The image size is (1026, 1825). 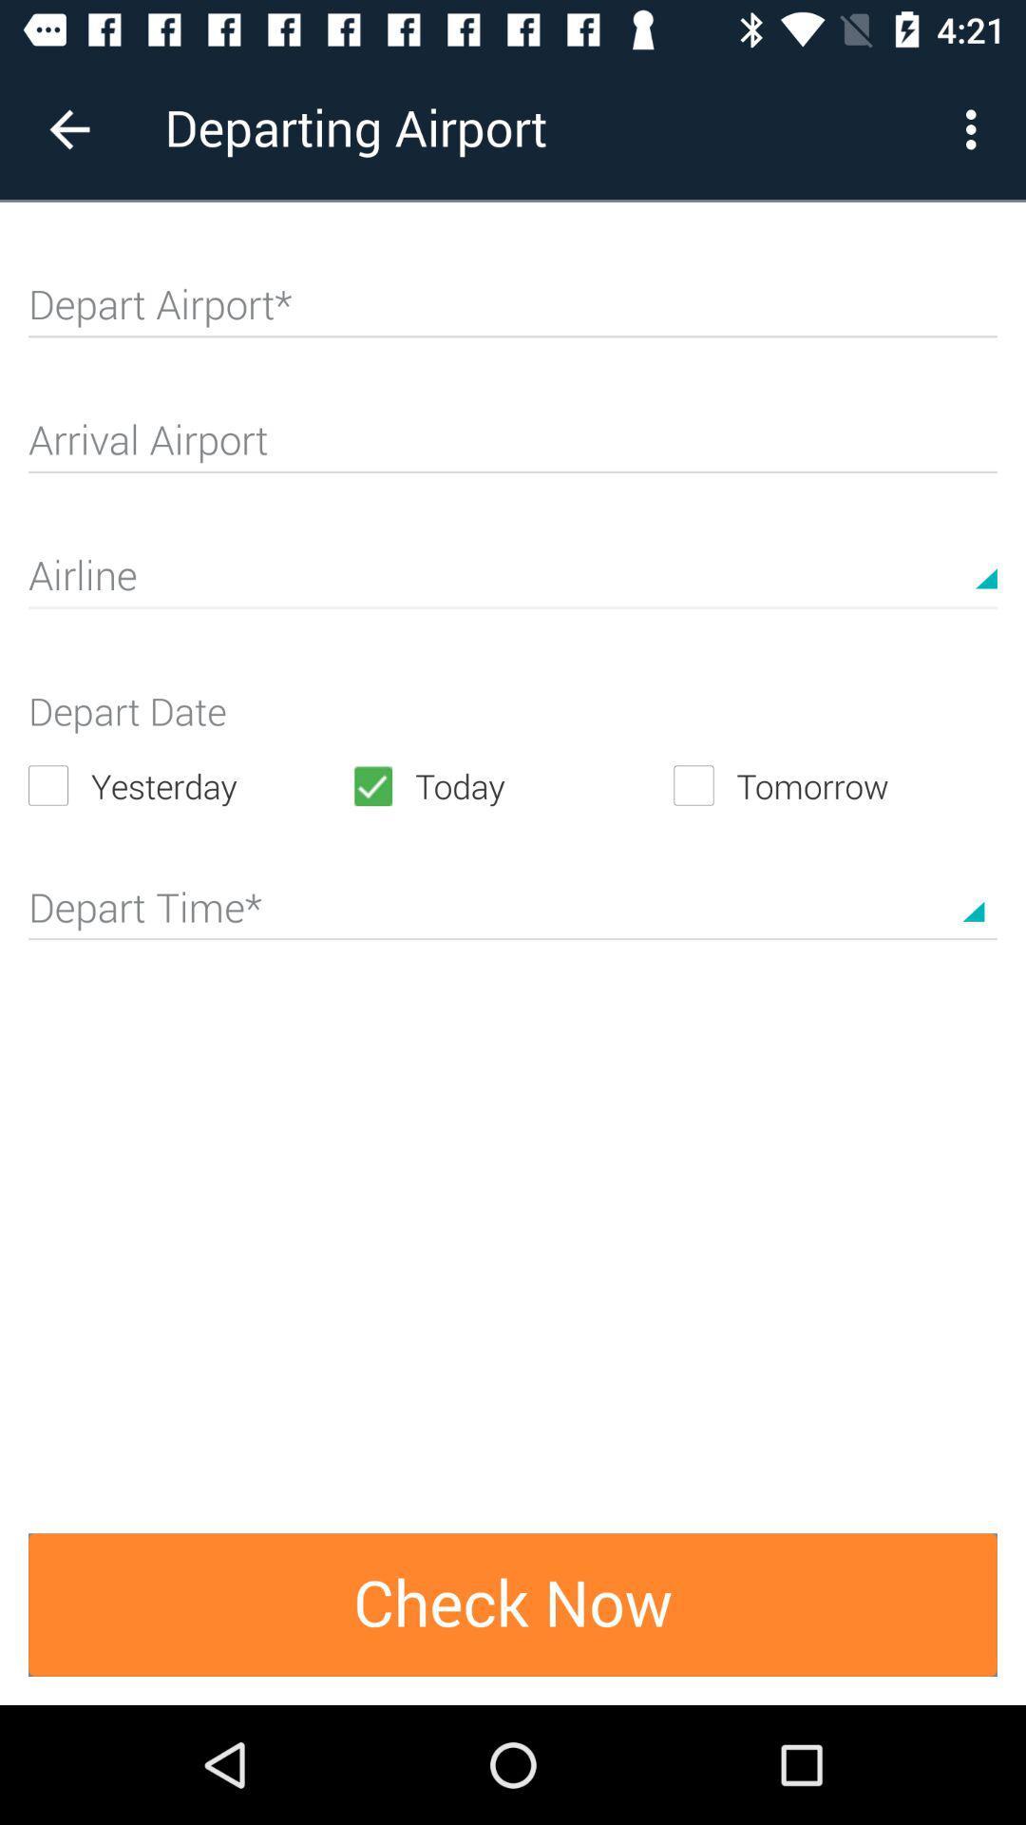 What do you see at coordinates (513, 447) in the screenshot?
I see `the arrival airport` at bounding box center [513, 447].